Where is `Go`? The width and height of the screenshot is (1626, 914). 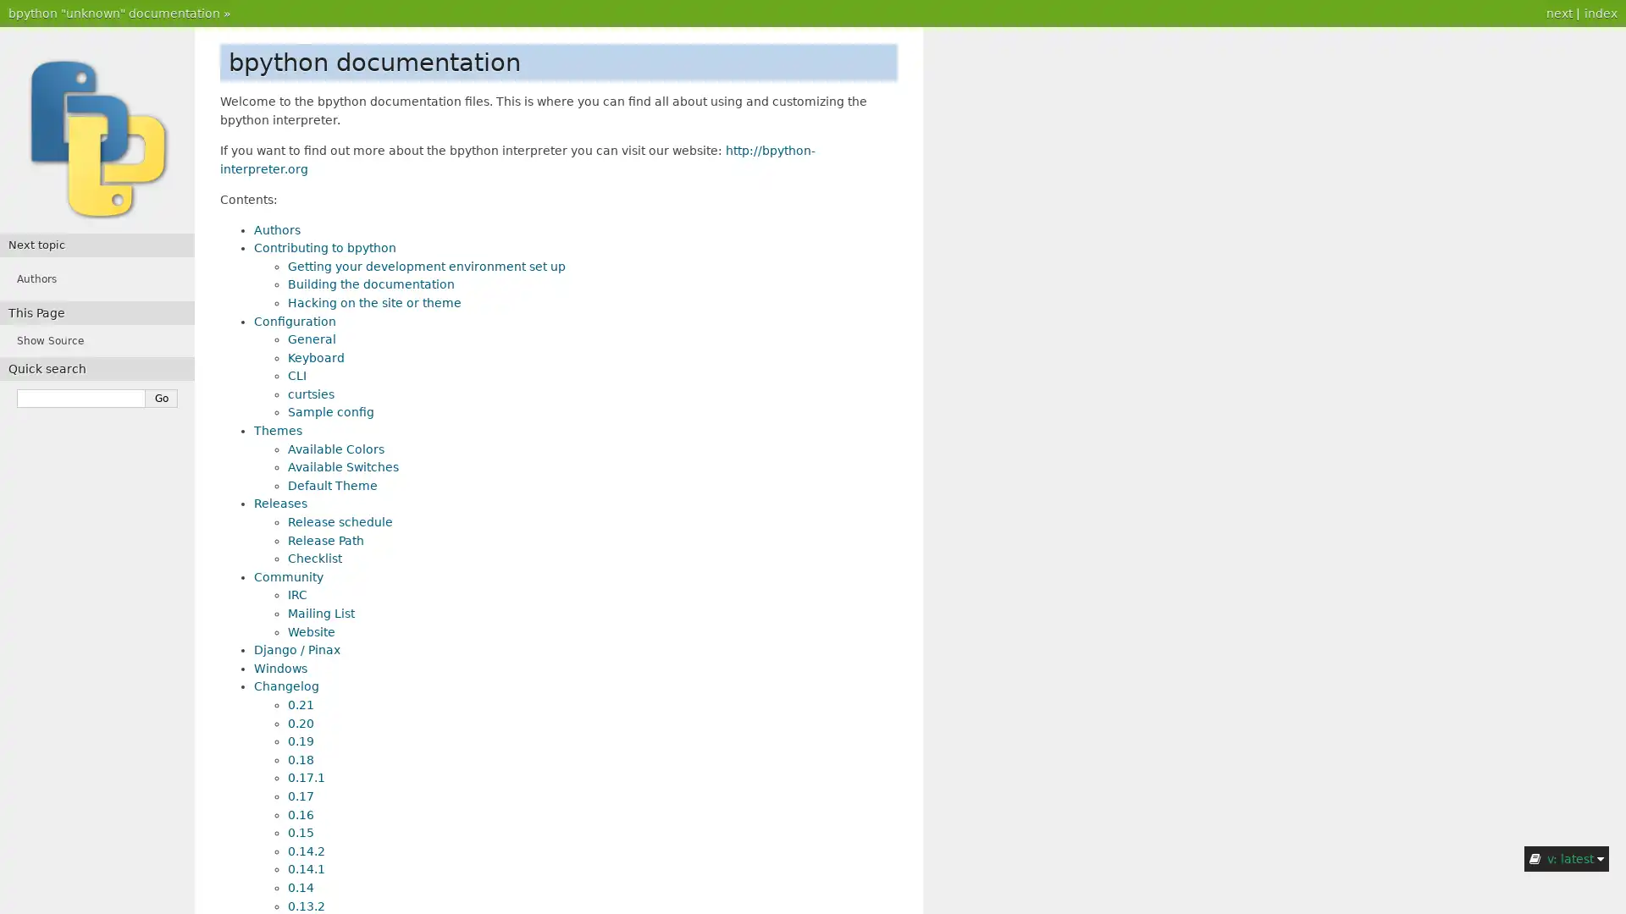 Go is located at coordinates (162, 398).